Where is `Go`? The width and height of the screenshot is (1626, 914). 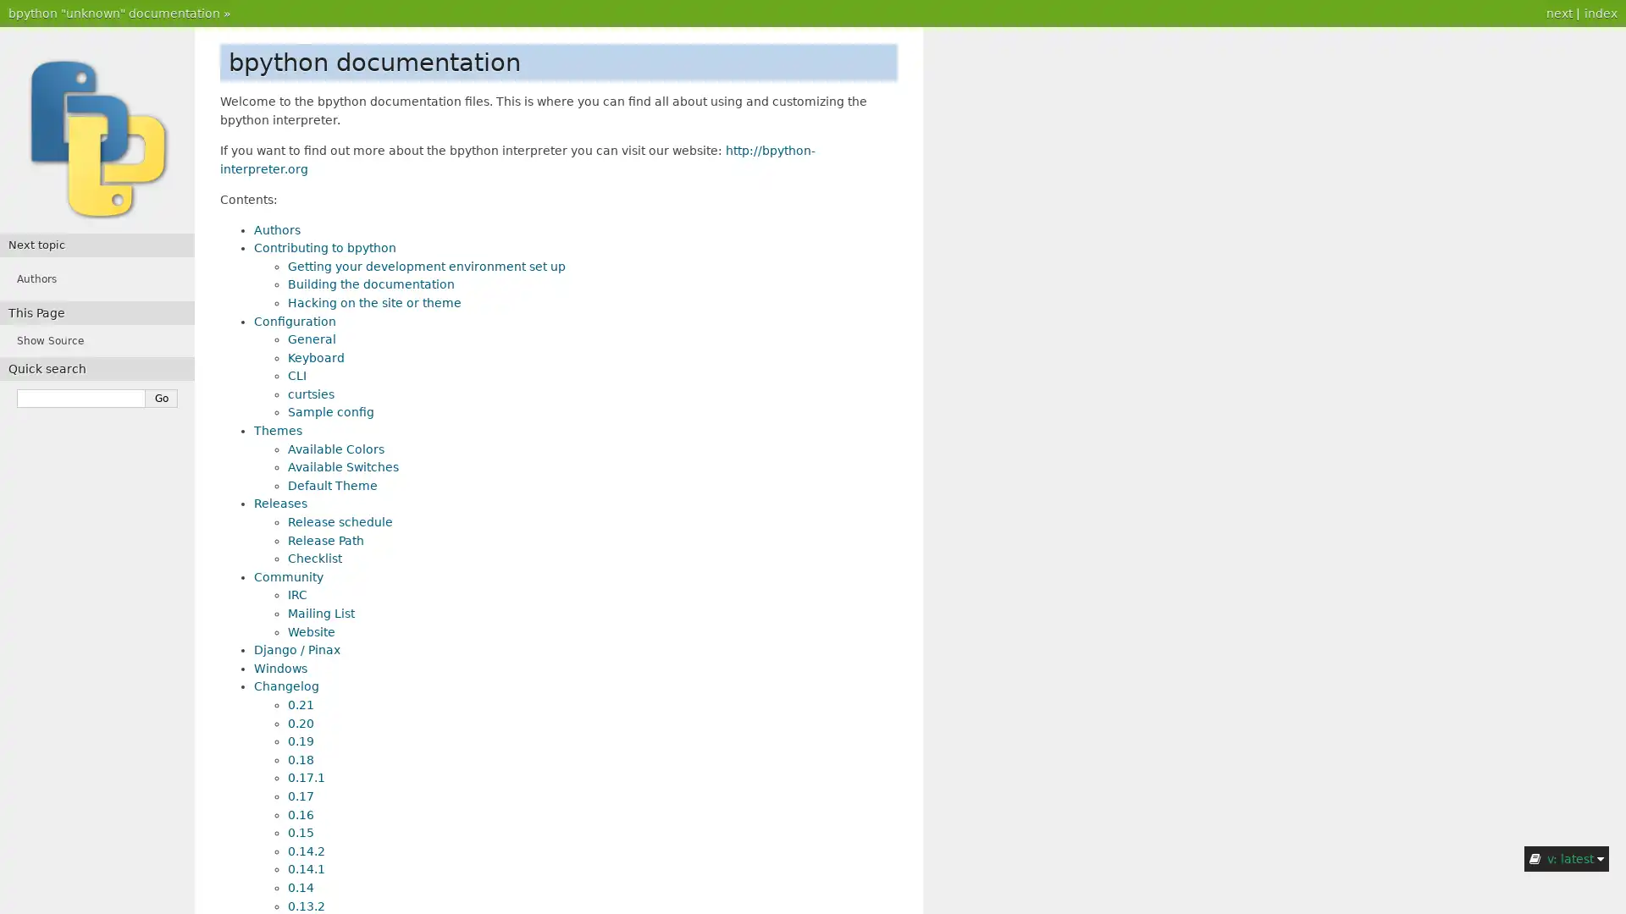 Go is located at coordinates (162, 398).